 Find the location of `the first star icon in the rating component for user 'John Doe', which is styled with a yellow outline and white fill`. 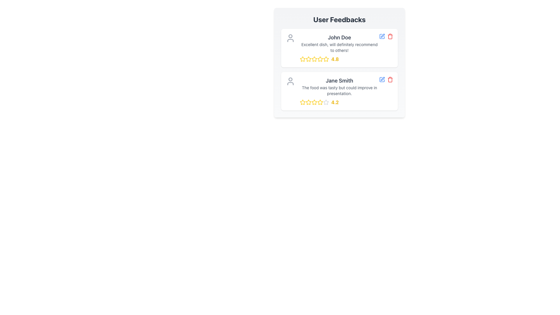

the first star icon in the rating component for user 'John Doe', which is styled with a yellow outline and white fill is located at coordinates (302, 59).